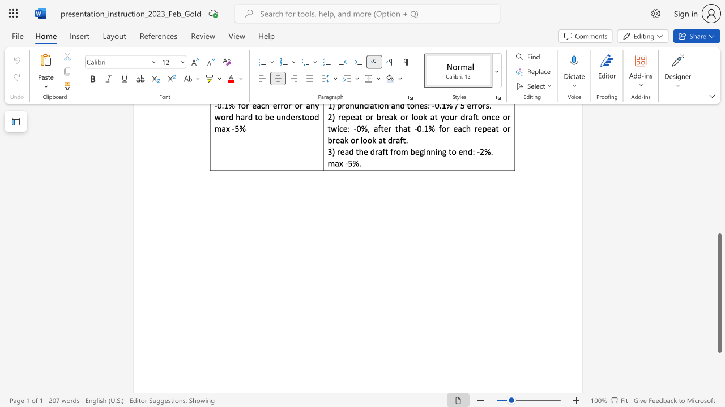  What do you see at coordinates (719, 191) in the screenshot?
I see `the scrollbar on the right` at bounding box center [719, 191].